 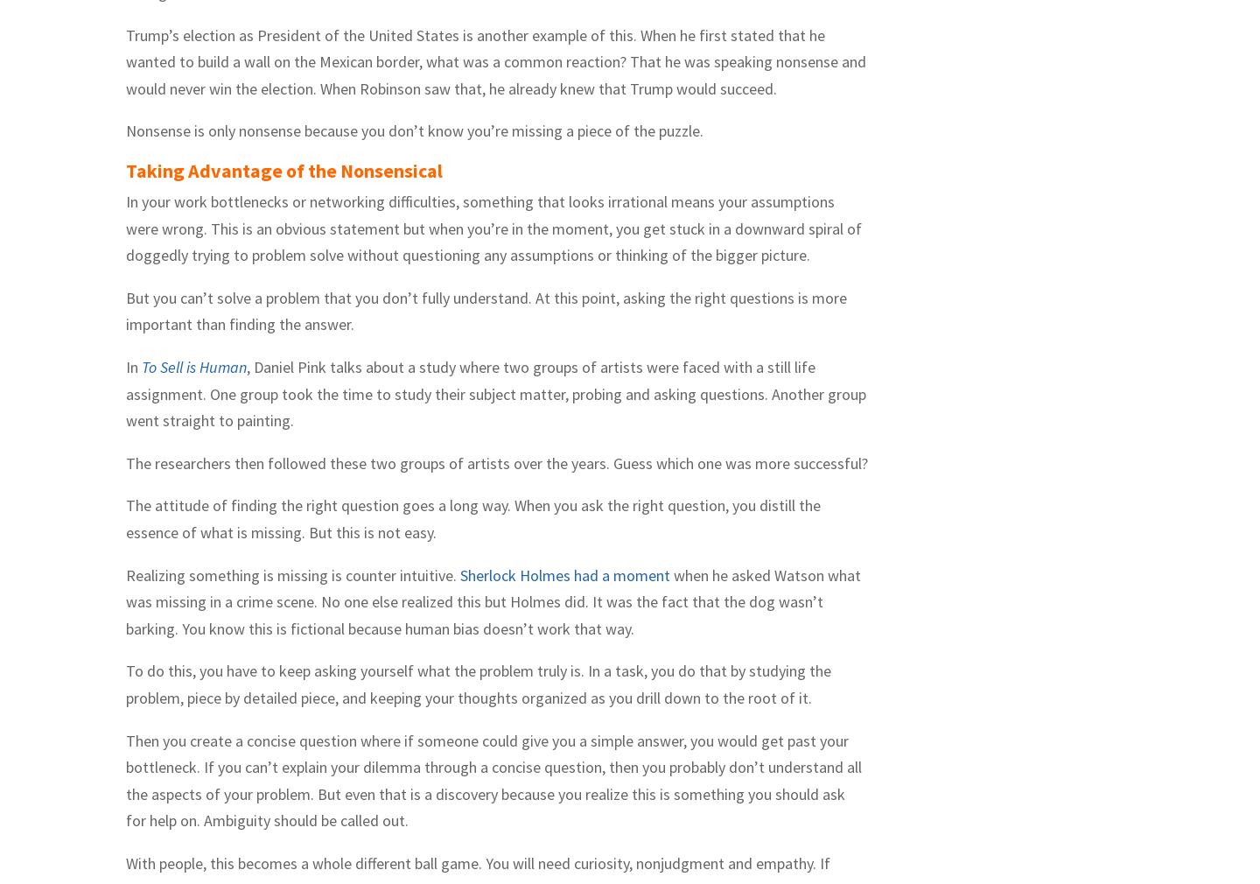 What do you see at coordinates (486, 311) in the screenshot?
I see `'But you can’t solve a problem that you don’t fully understand. At this point, asking the right questions is more important than finding the answer.'` at bounding box center [486, 311].